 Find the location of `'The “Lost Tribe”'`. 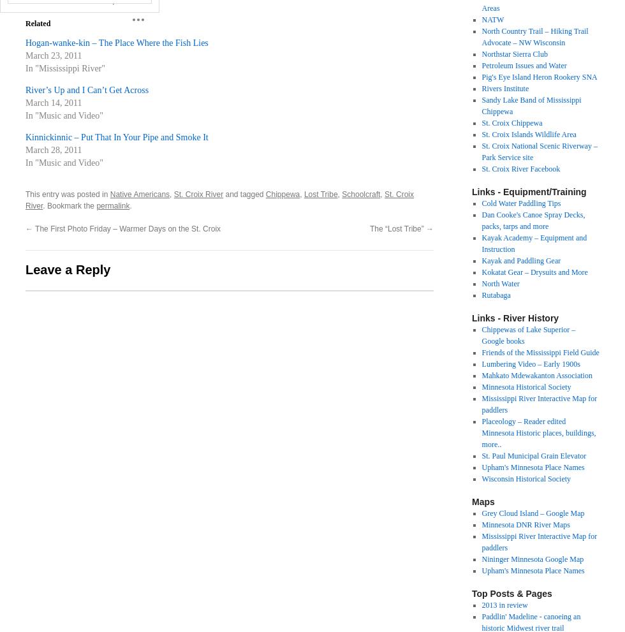

'The “Lost Tribe”' is located at coordinates (369, 228).